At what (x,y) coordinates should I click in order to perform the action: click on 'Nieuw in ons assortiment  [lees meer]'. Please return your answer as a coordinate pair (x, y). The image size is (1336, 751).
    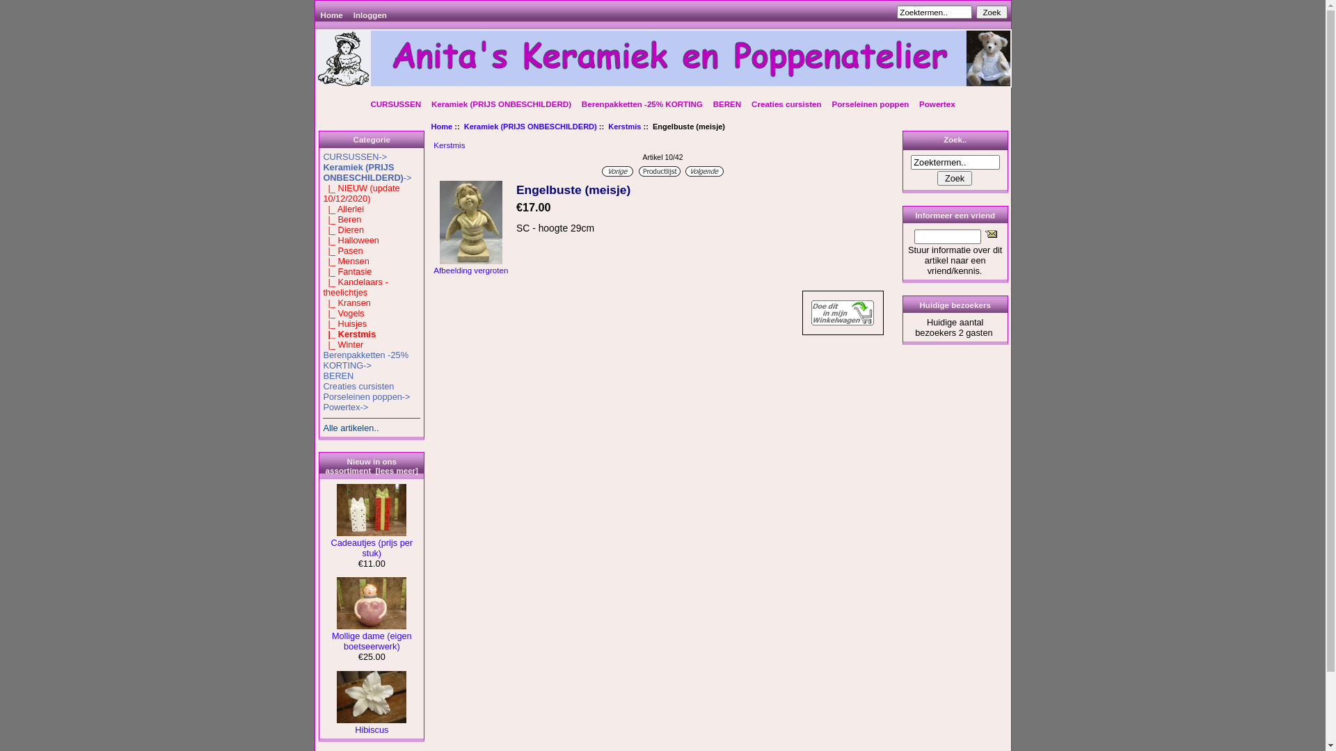
    Looking at the image, I should click on (324, 466).